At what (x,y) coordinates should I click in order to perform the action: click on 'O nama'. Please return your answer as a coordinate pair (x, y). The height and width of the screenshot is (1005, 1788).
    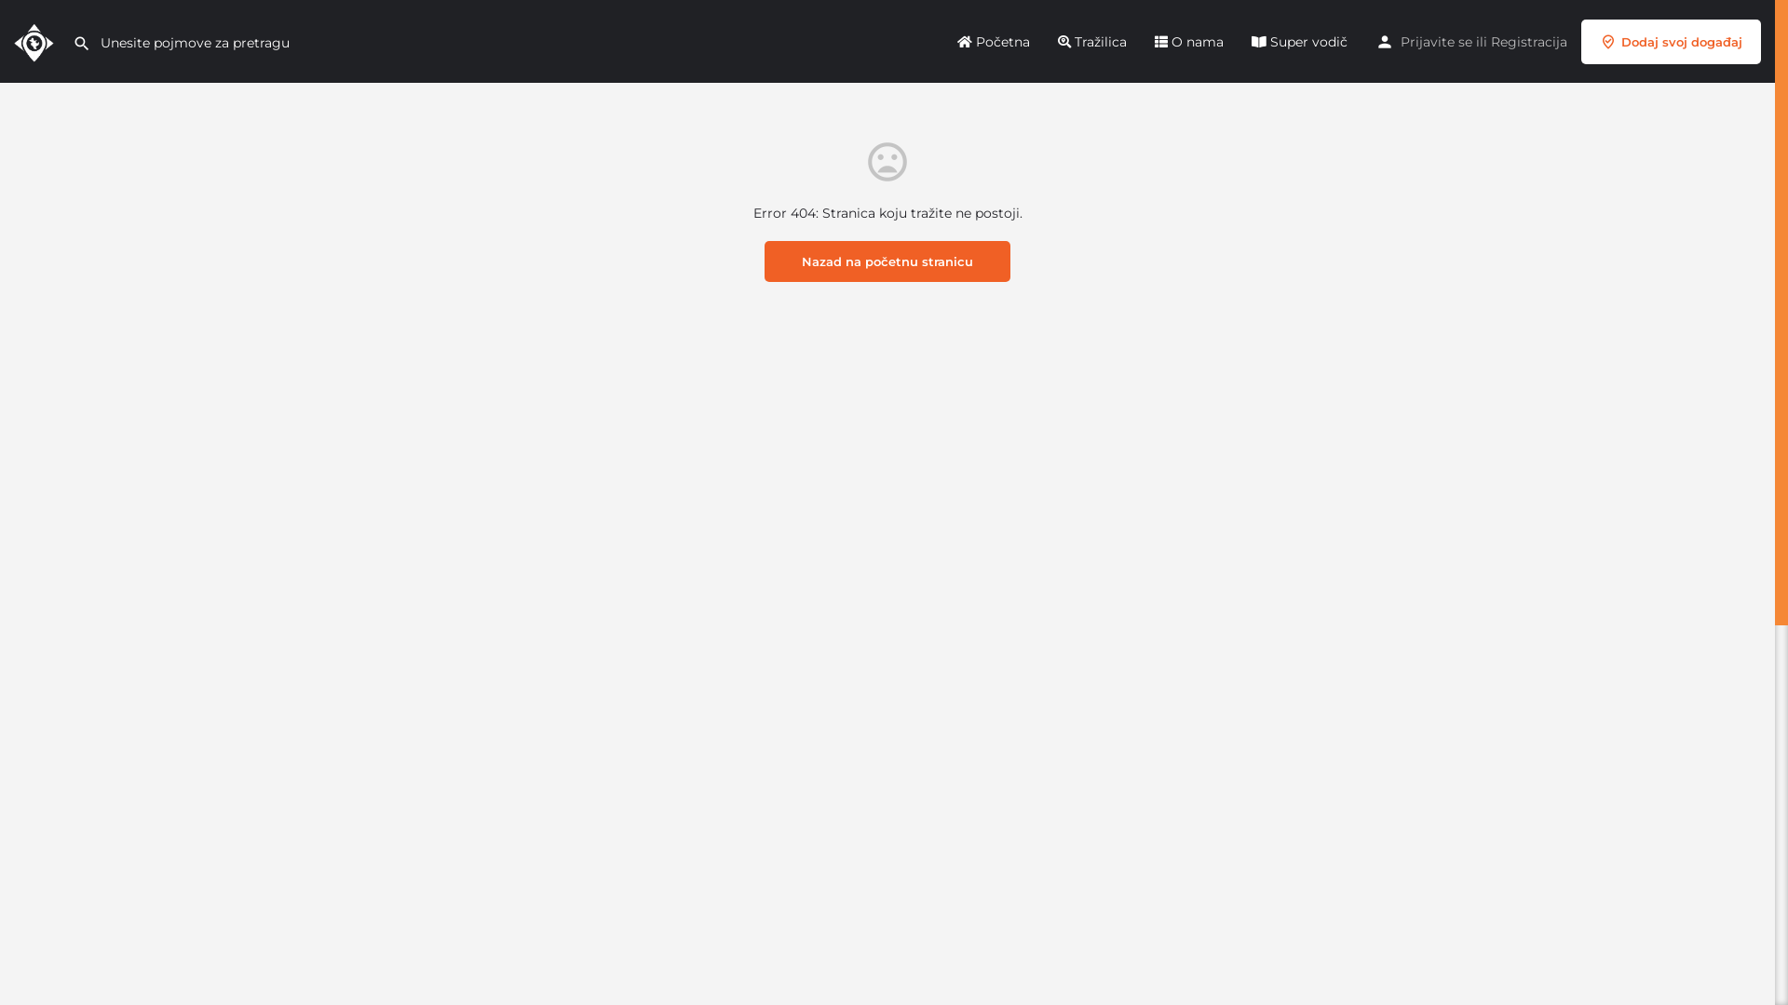
    Looking at the image, I should click on (1187, 40).